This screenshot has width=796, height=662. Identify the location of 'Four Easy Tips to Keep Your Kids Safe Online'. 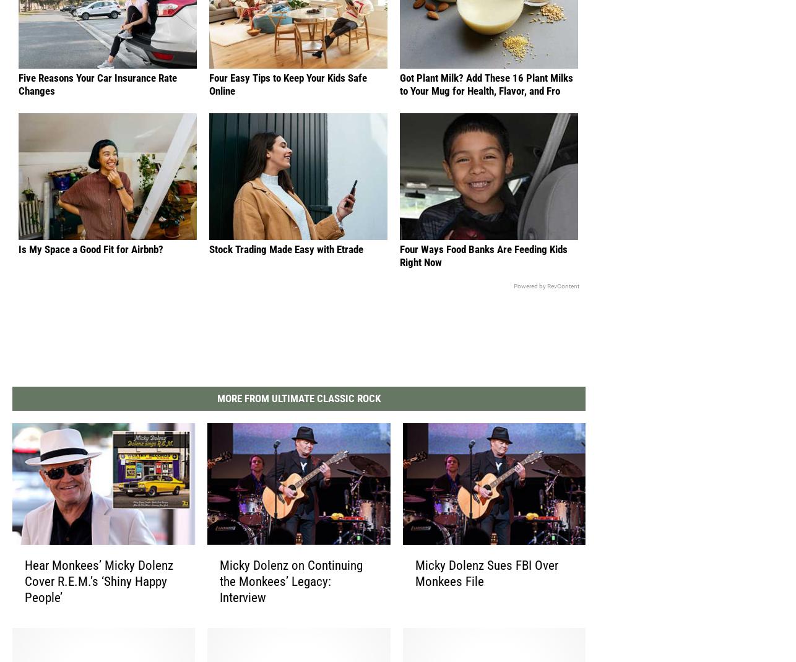
(287, 95).